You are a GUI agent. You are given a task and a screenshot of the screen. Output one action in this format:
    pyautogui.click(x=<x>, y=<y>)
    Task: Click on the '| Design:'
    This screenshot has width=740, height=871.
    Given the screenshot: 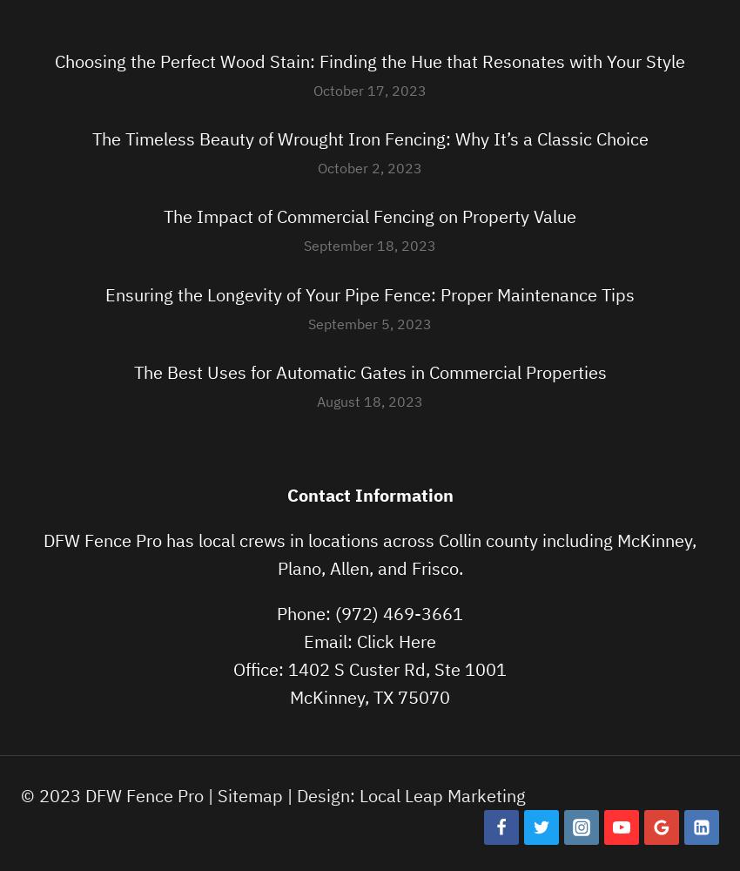 What is the action you would take?
    pyautogui.click(x=320, y=795)
    